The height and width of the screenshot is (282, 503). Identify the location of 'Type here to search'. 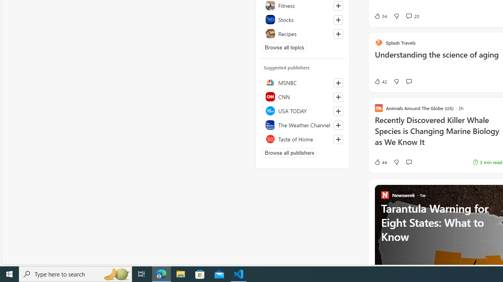
(75, 273).